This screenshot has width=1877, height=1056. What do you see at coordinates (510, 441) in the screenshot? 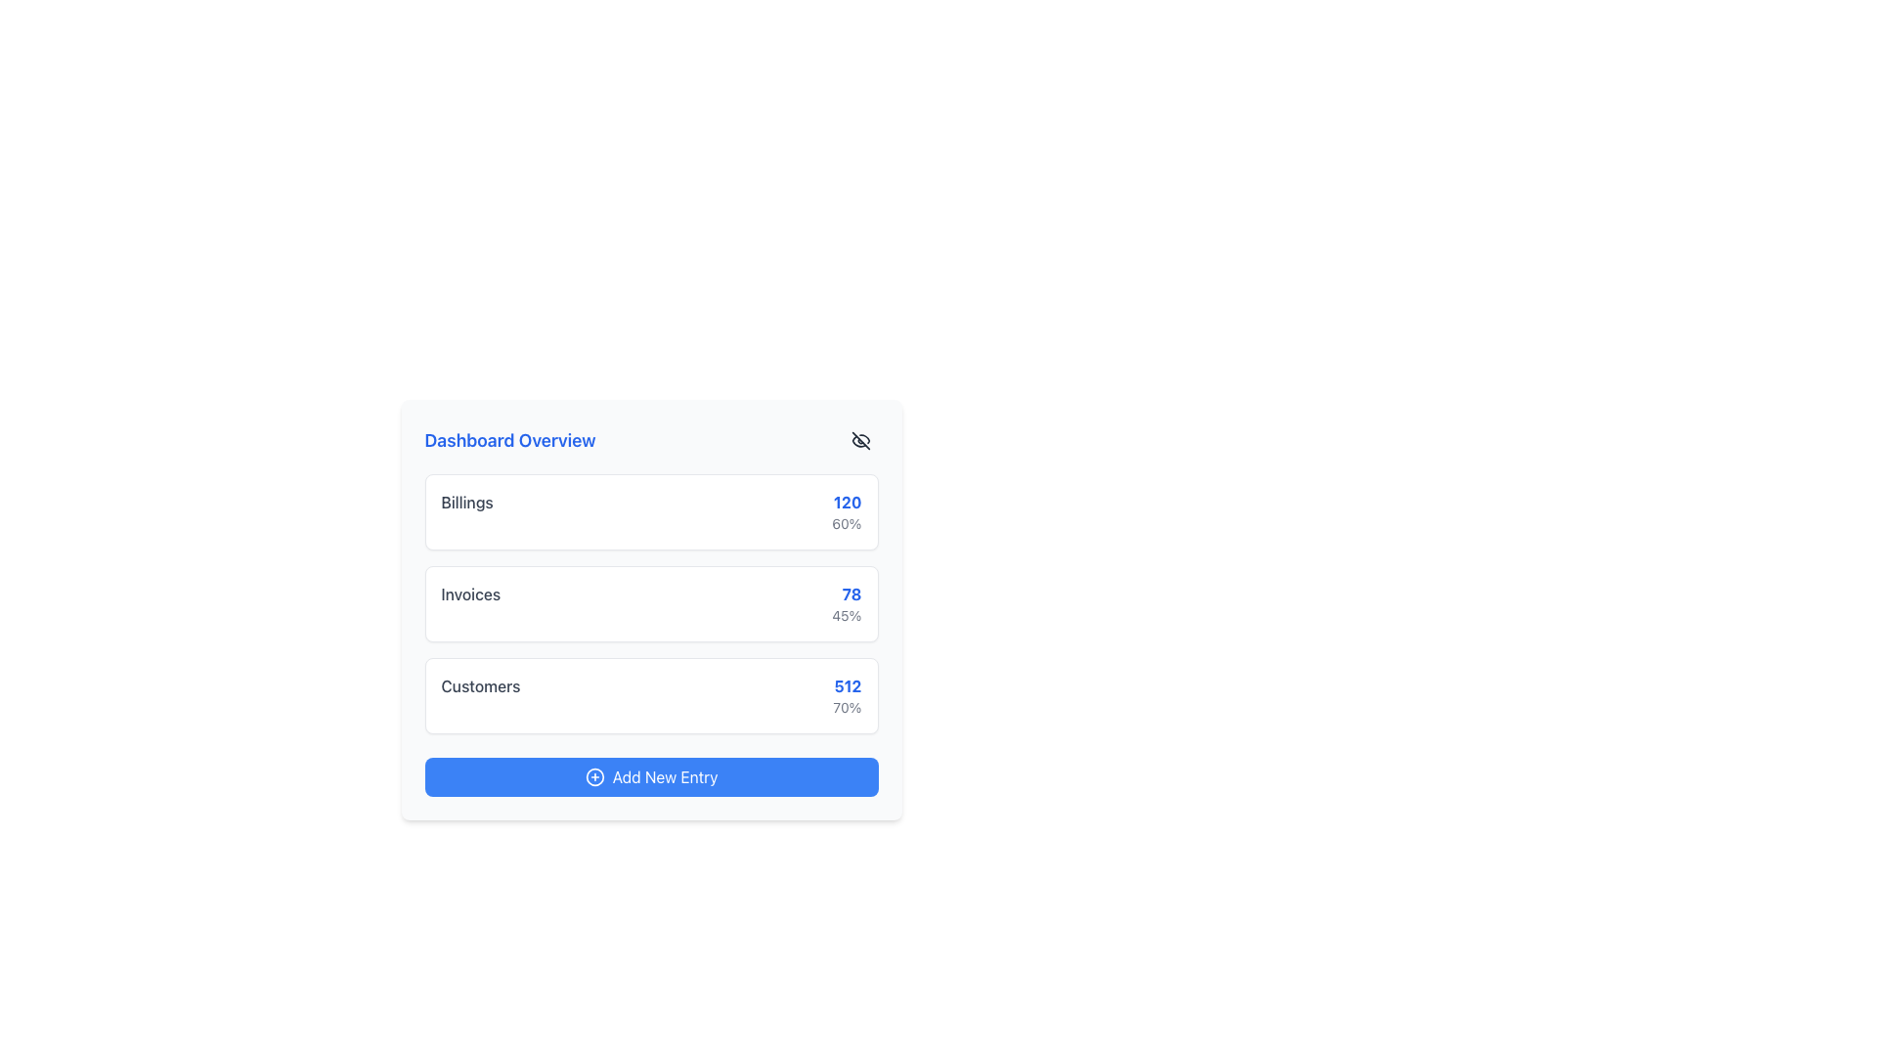
I see `the text label that reads 'Dashboard Overview', styled in blue, located at the top-center of the content card` at bounding box center [510, 441].